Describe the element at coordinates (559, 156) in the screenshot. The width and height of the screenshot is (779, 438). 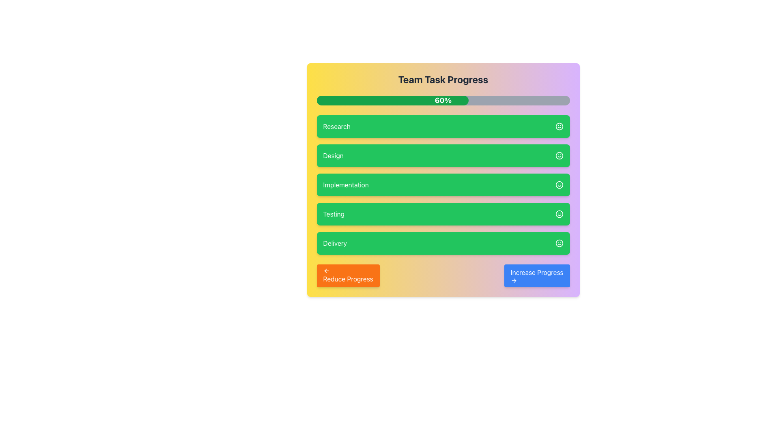
I see `the status marker icon located on the right side of the green rectangle labeled 'Design', which indicates the progress of the 'Design' task` at that location.